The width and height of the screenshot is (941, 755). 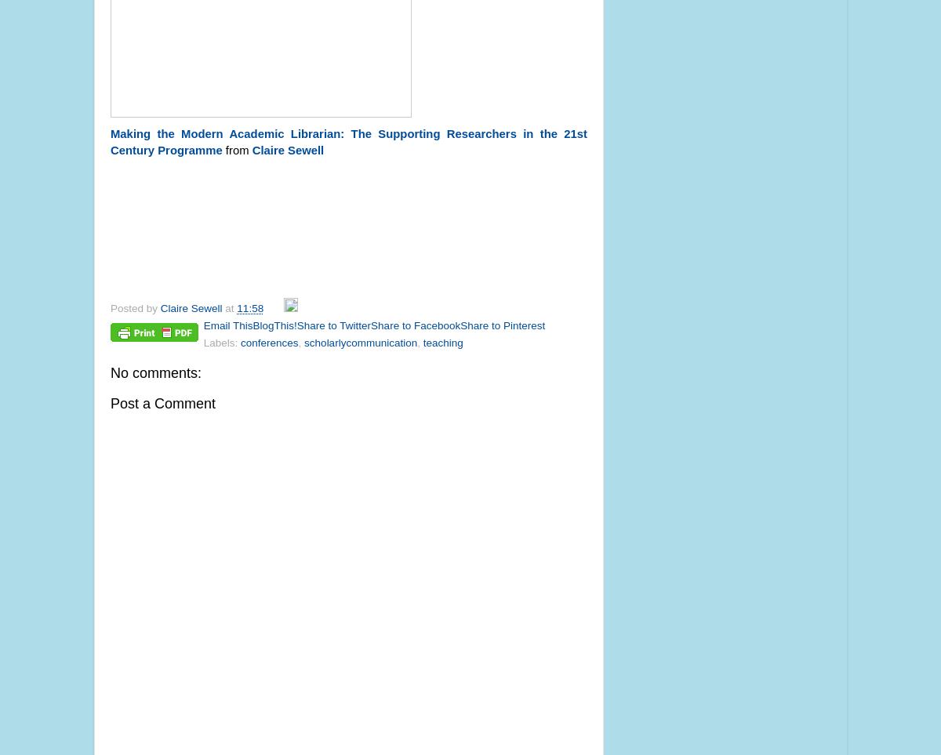 What do you see at coordinates (296, 325) in the screenshot?
I see `'Share to Twitter'` at bounding box center [296, 325].